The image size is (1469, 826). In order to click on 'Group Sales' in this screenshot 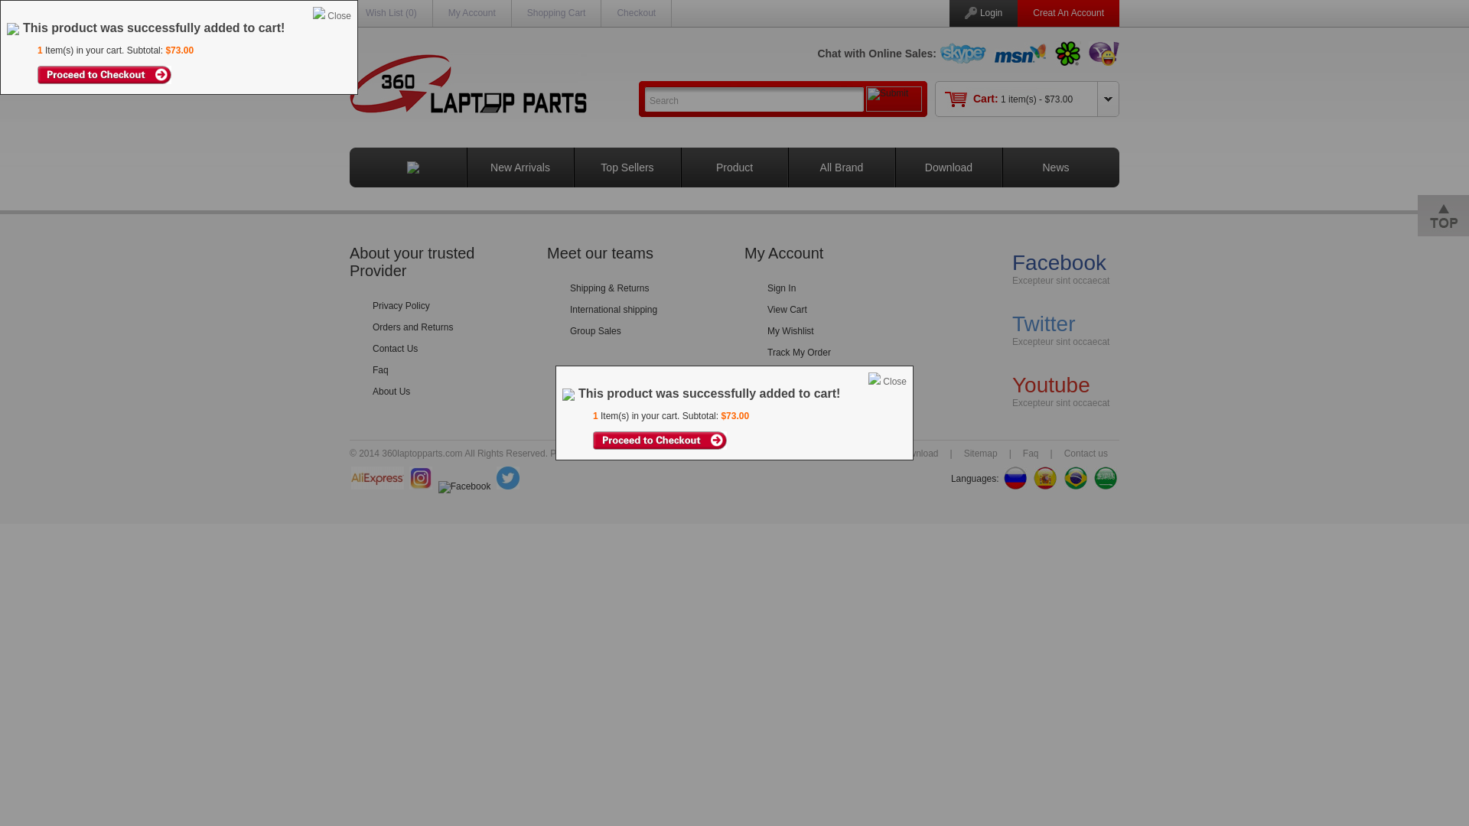, I will do `click(568, 330)`.